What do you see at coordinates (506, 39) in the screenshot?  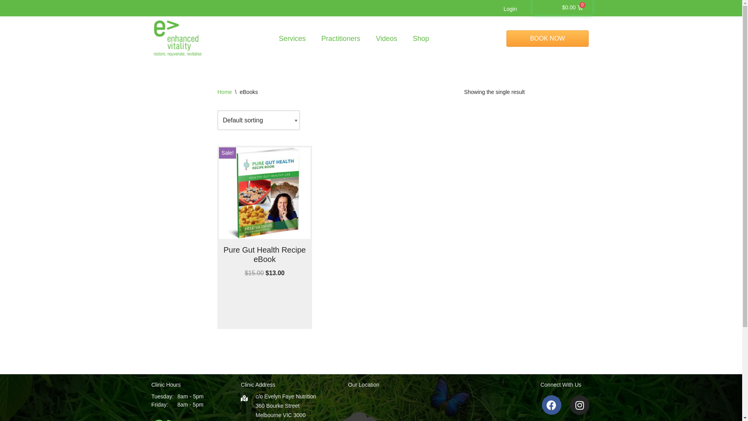 I see `'BOOK NOW'` at bounding box center [506, 39].